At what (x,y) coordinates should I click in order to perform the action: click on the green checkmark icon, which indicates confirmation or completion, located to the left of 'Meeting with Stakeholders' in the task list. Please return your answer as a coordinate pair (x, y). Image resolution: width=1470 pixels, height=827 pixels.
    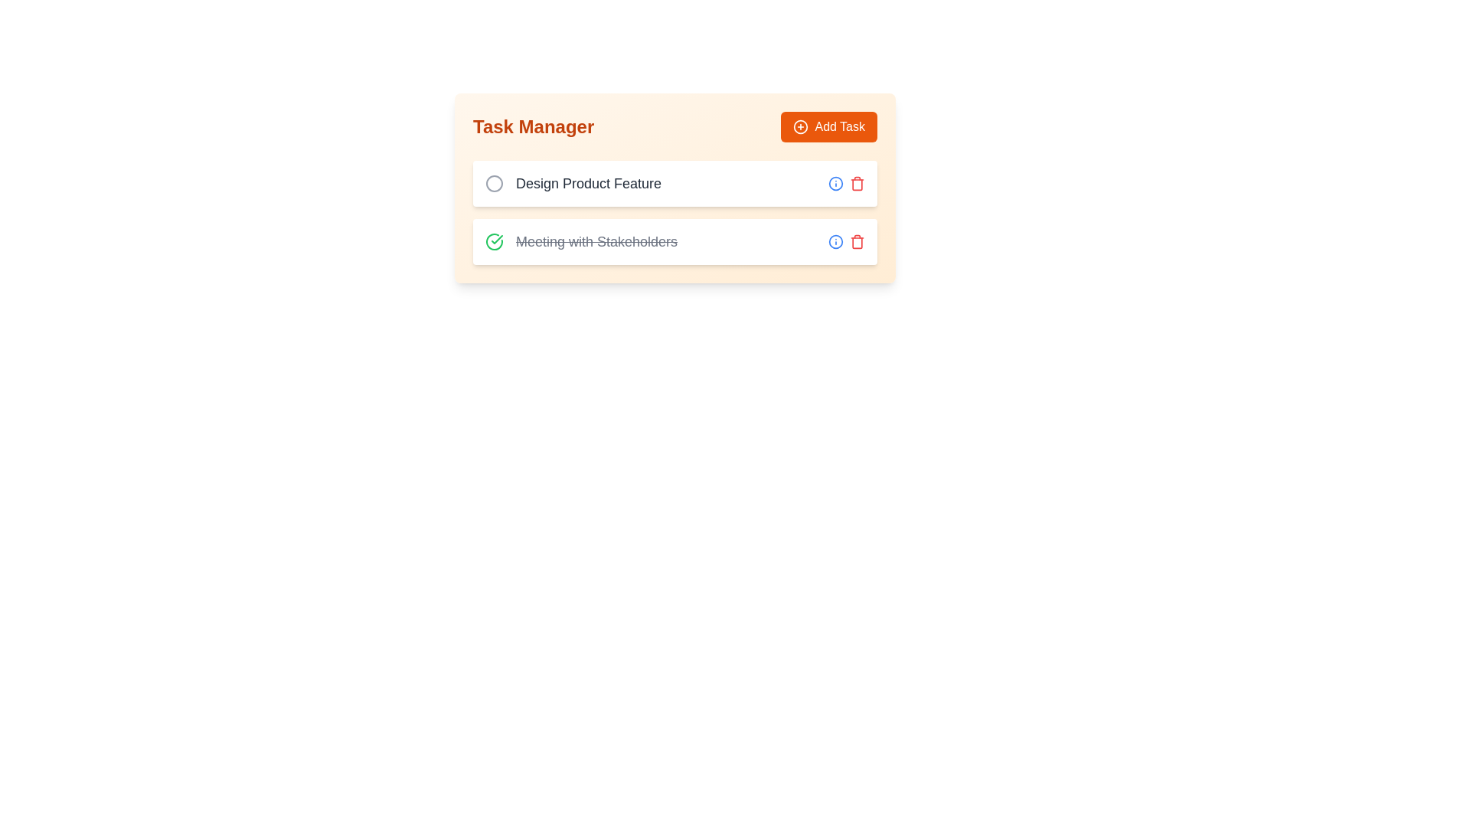
    Looking at the image, I should click on (497, 239).